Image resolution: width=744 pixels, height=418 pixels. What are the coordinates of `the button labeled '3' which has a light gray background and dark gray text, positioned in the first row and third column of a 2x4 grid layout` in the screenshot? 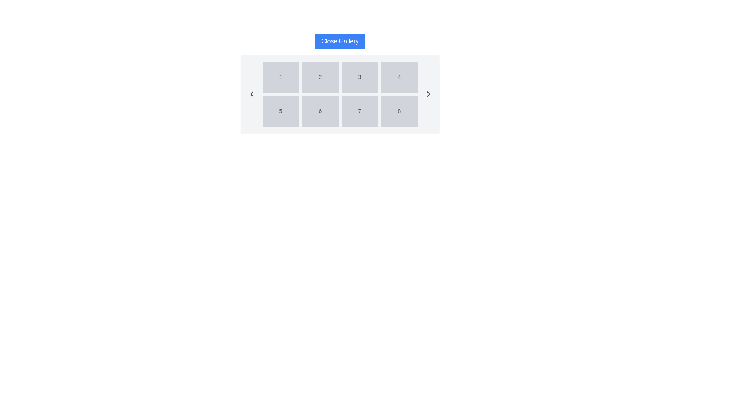 It's located at (359, 77).